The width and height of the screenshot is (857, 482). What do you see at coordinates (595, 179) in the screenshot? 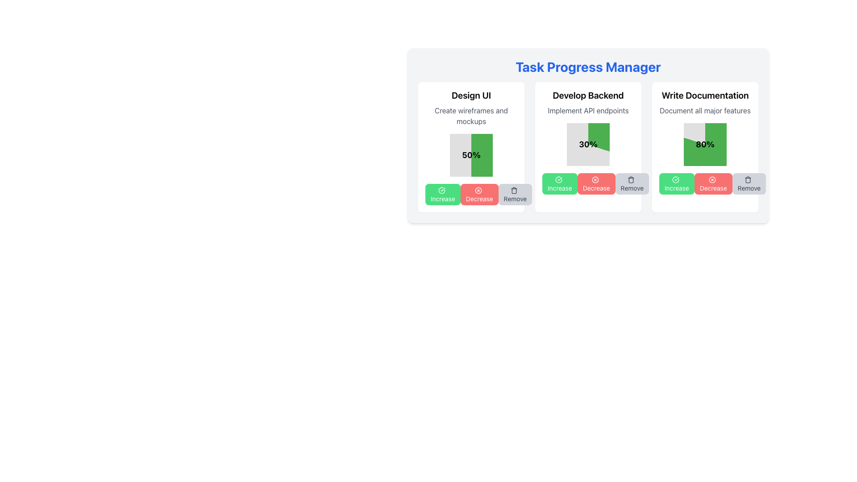
I see `the central circular part of the 'Decrease' button, which is located below the 'Develop Backend' progress section` at bounding box center [595, 179].